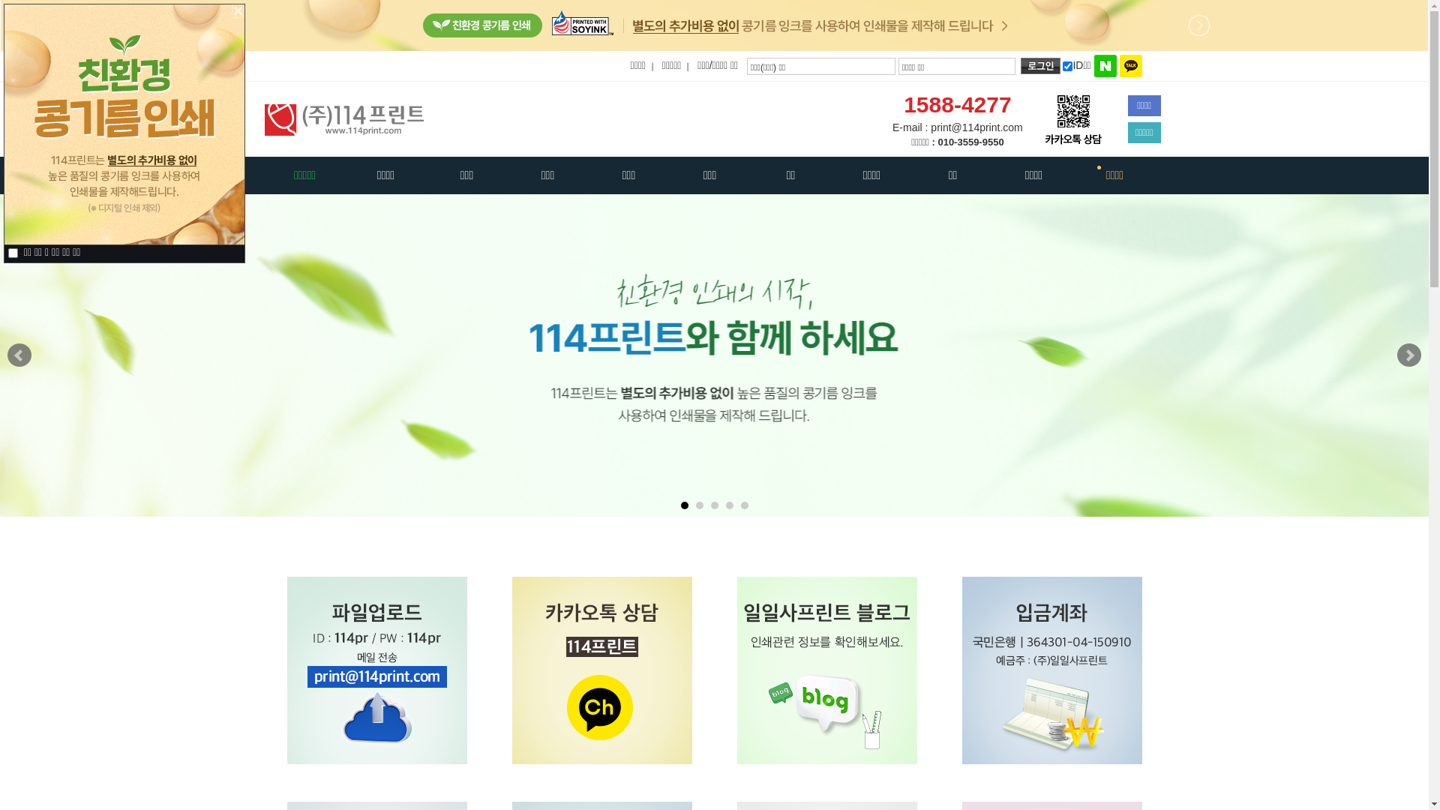 Image resolution: width=1440 pixels, height=810 pixels. What do you see at coordinates (741, 505) in the screenshot?
I see `'5'` at bounding box center [741, 505].